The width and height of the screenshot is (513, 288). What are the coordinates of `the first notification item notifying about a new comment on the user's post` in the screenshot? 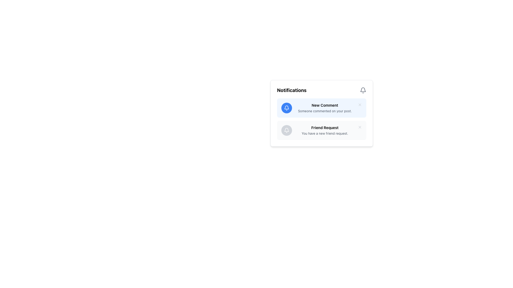 It's located at (324, 108).